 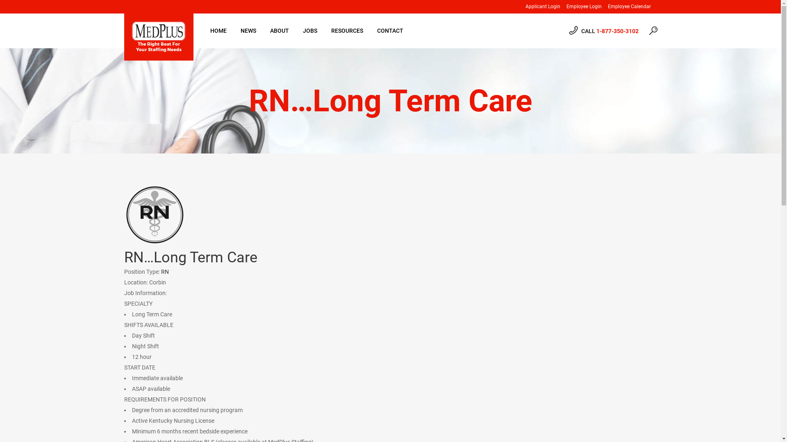 What do you see at coordinates (580, 7) in the screenshot?
I see `'Employee Login'` at bounding box center [580, 7].